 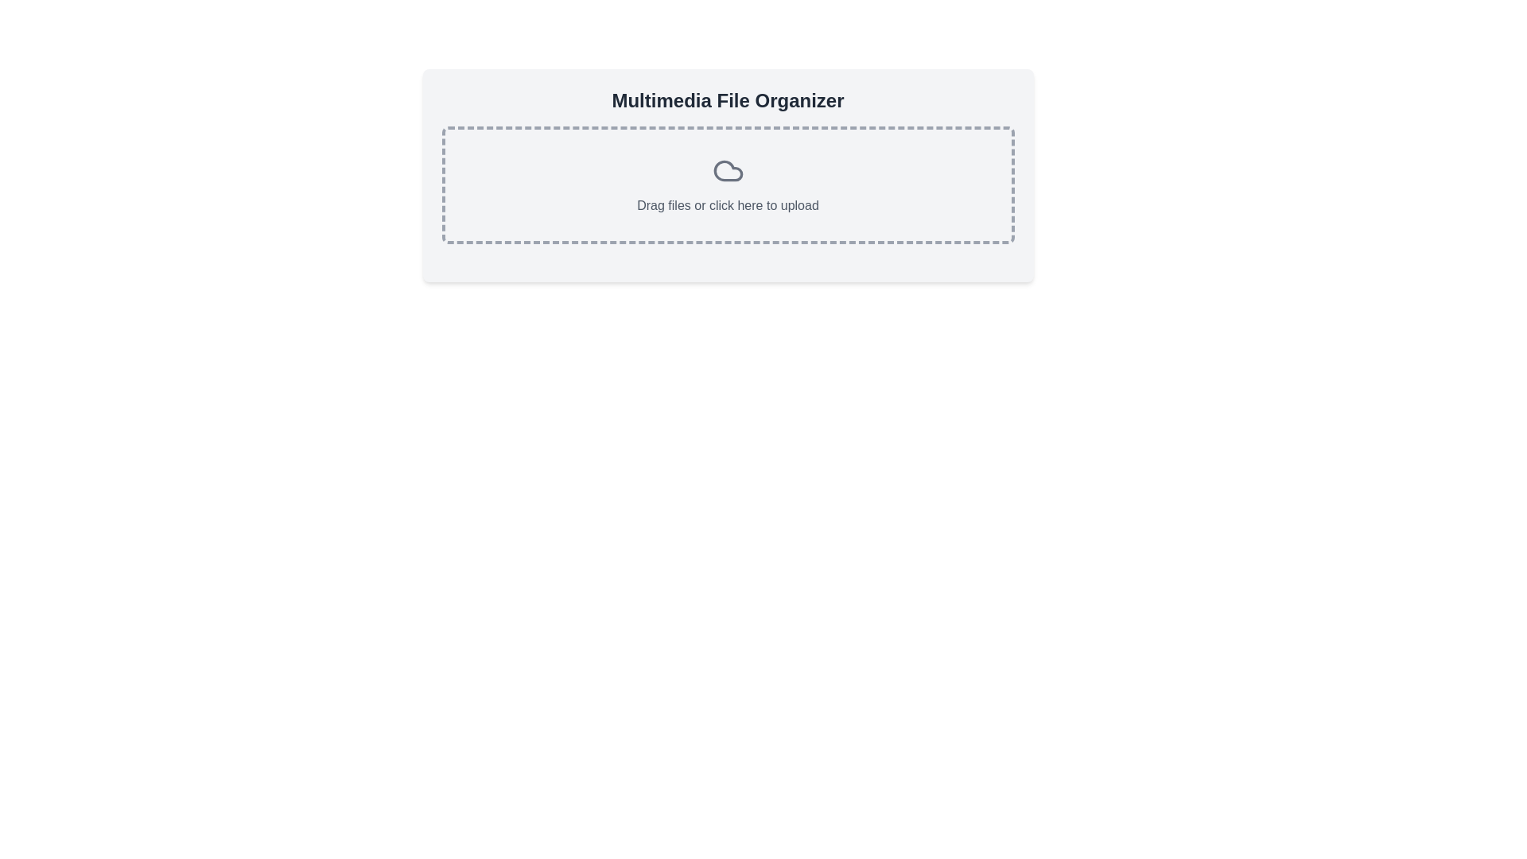 What do you see at coordinates (727, 171) in the screenshot?
I see `the cloud icon element, which is a minimalistic outlined shape located within the upload area, slightly above the 'Drag files or click here to upload' text` at bounding box center [727, 171].